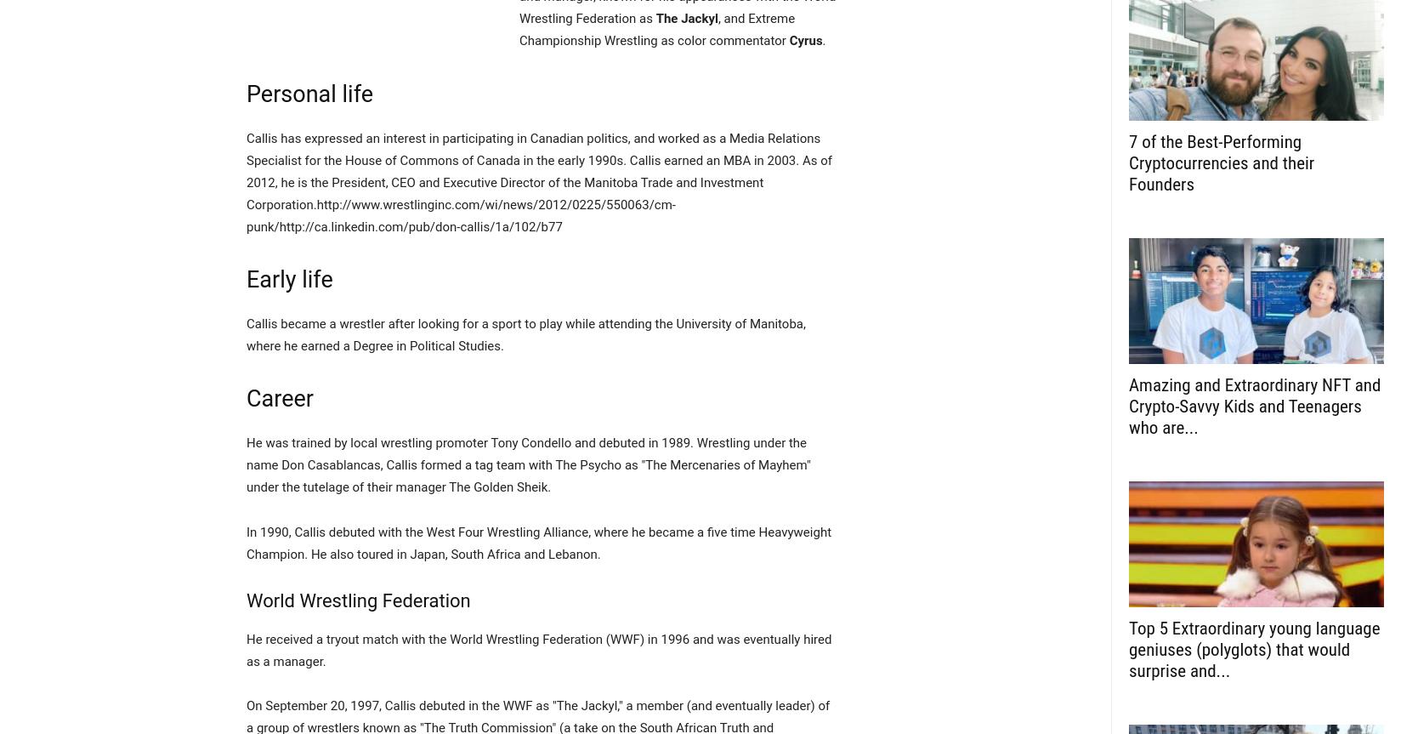 This screenshot has height=734, width=1401. I want to click on 'Career', so click(246, 398).